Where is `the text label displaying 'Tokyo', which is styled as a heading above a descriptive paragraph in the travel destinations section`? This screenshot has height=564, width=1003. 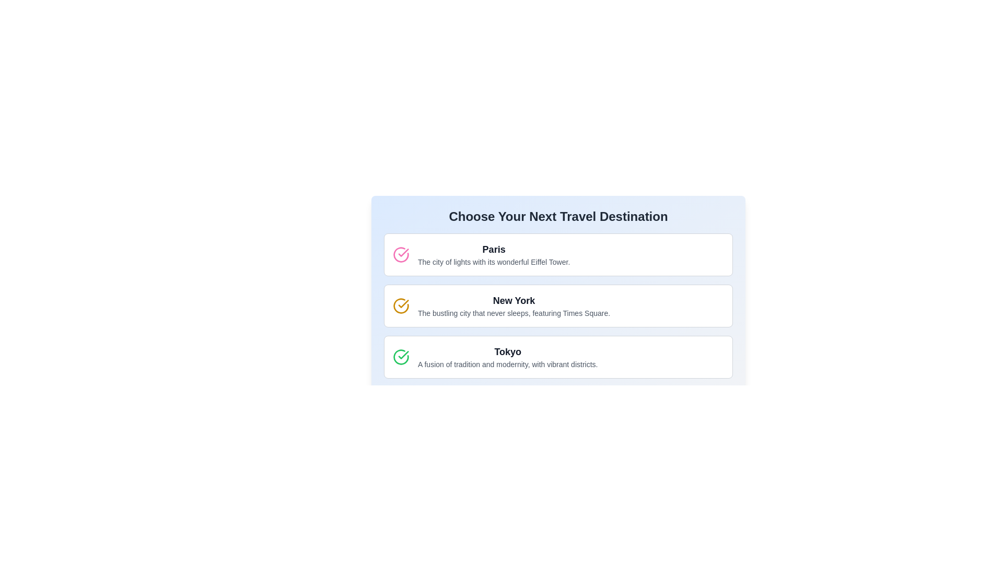 the text label displaying 'Tokyo', which is styled as a heading above a descriptive paragraph in the travel destinations section is located at coordinates (508, 352).